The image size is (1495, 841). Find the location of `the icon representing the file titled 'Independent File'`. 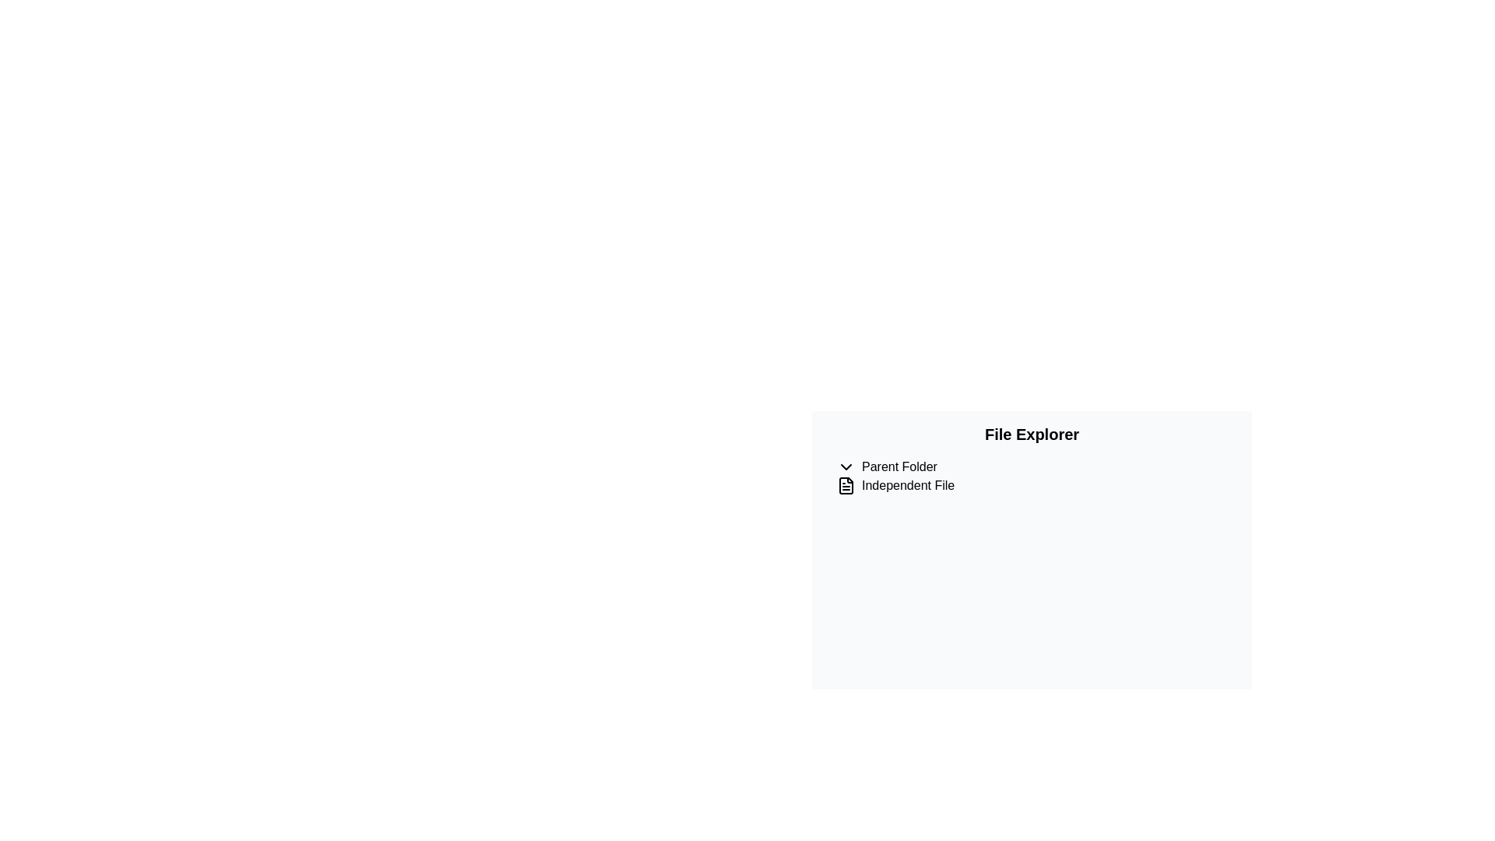

the icon representing the file titled 'Independent File' is located at coordinates (845, 485).